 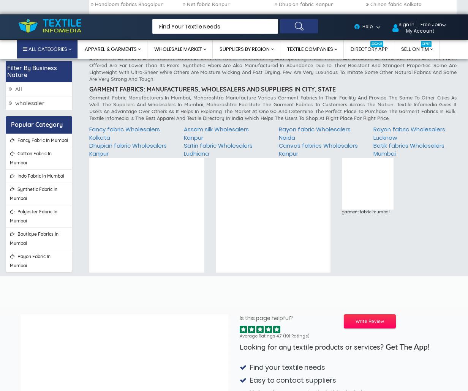 I want to click on 'Get the App!', so click(x=386, y=110).